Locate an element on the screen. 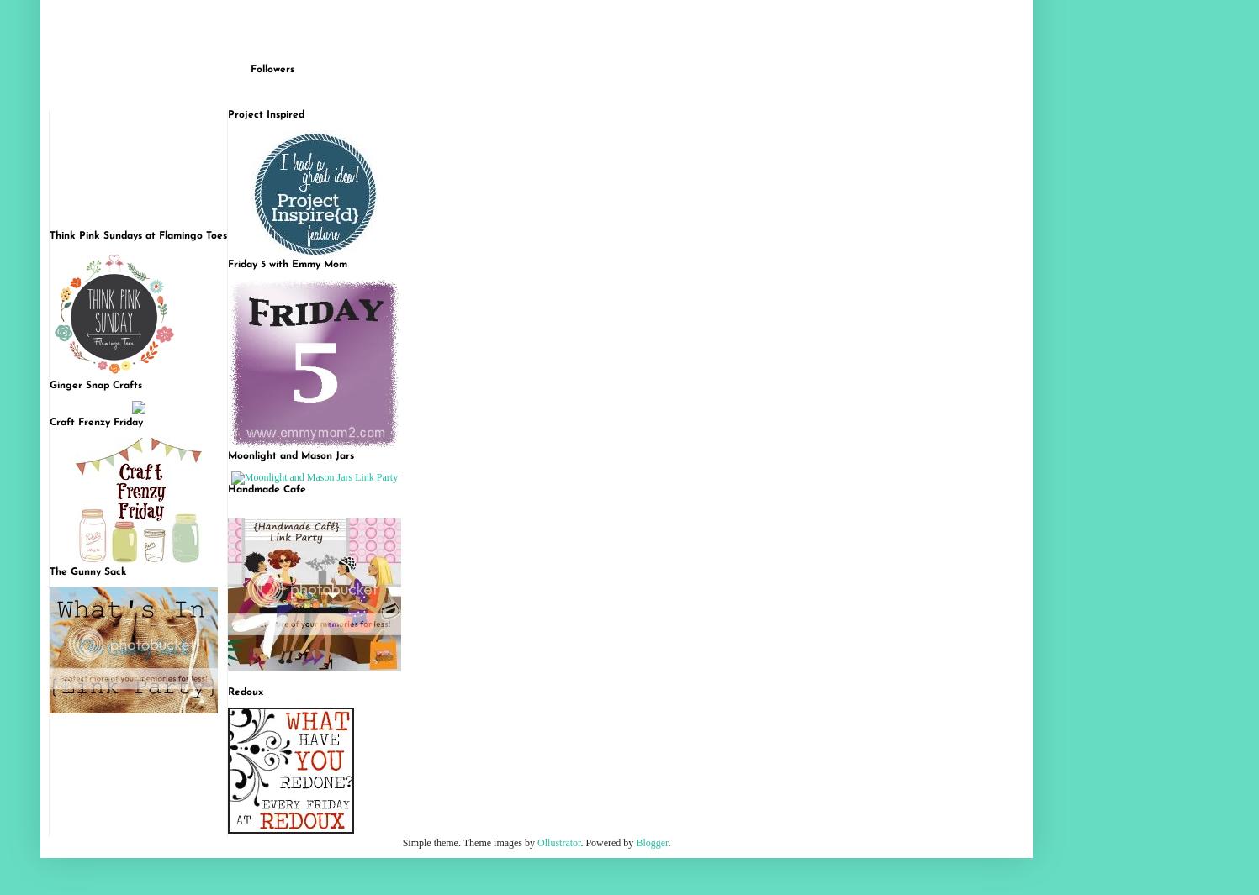  'Followers' is located at coordinates (272, 68).